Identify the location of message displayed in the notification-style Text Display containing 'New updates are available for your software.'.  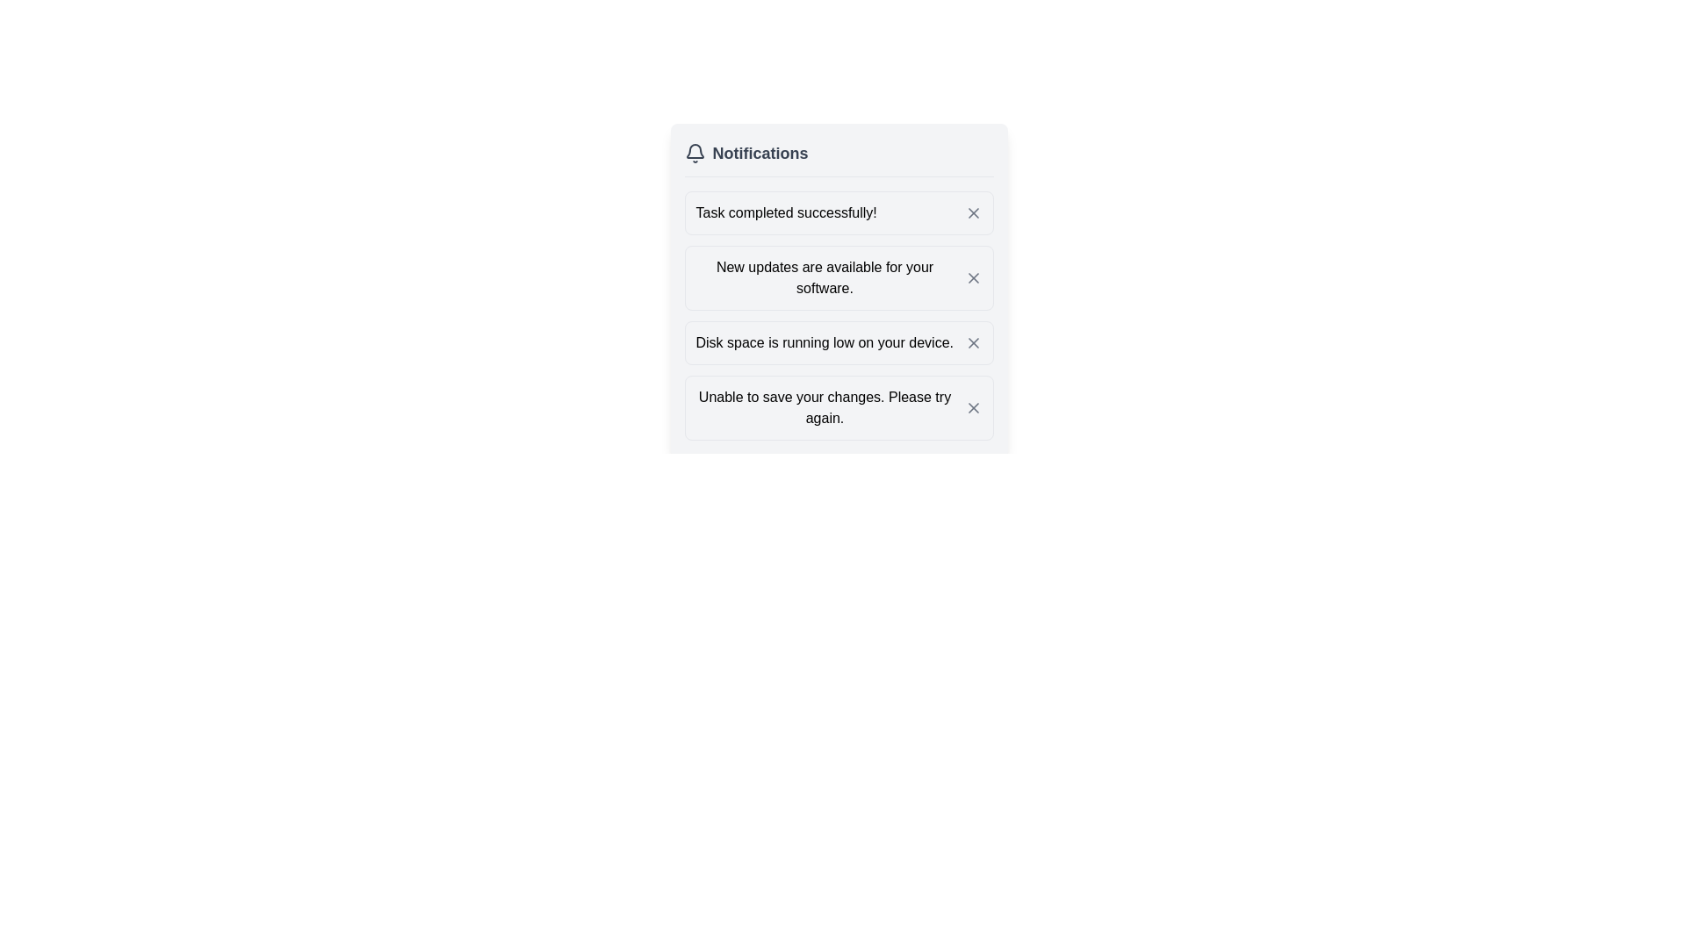
(824, 276).